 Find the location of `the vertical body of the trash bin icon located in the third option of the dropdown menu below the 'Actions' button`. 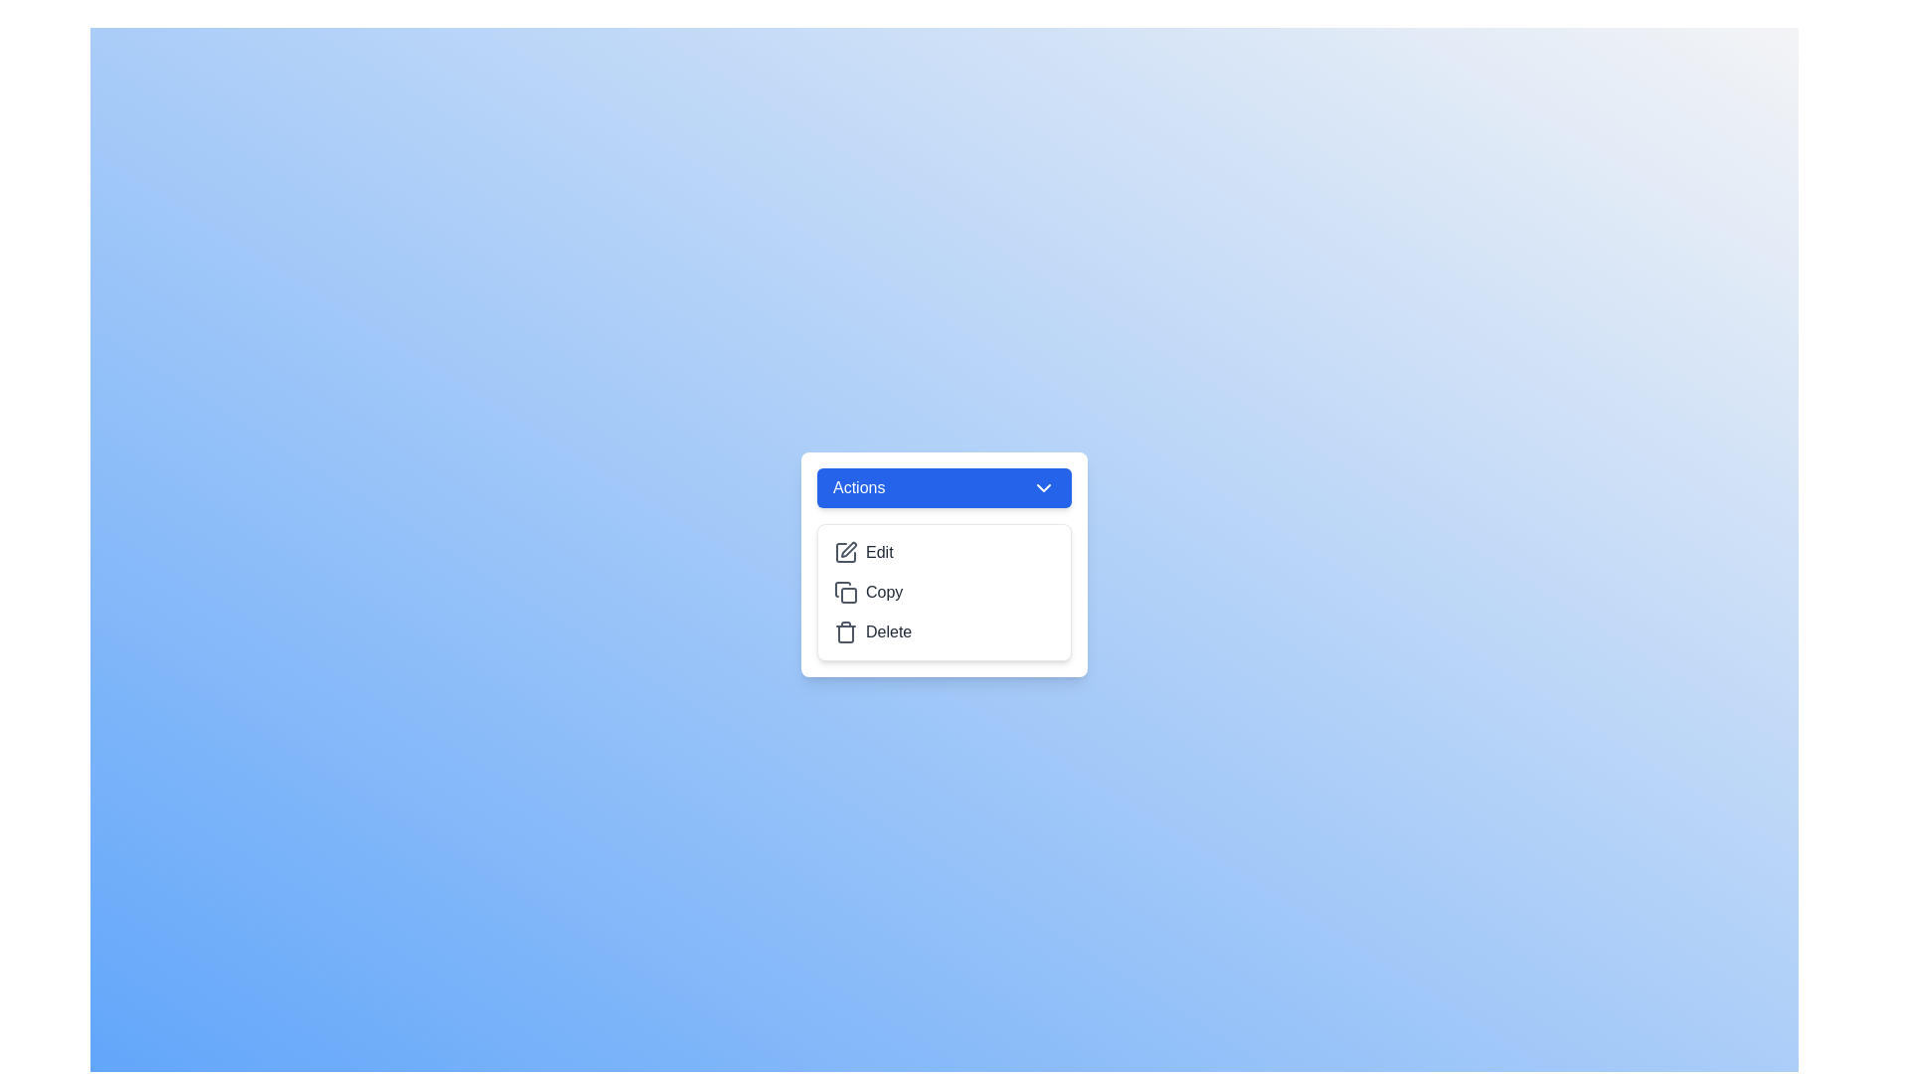

the vertical body of the trash bin icon located in the third option of the dropdown menu below the 'Actions' button is located at coordinates (845, 633).